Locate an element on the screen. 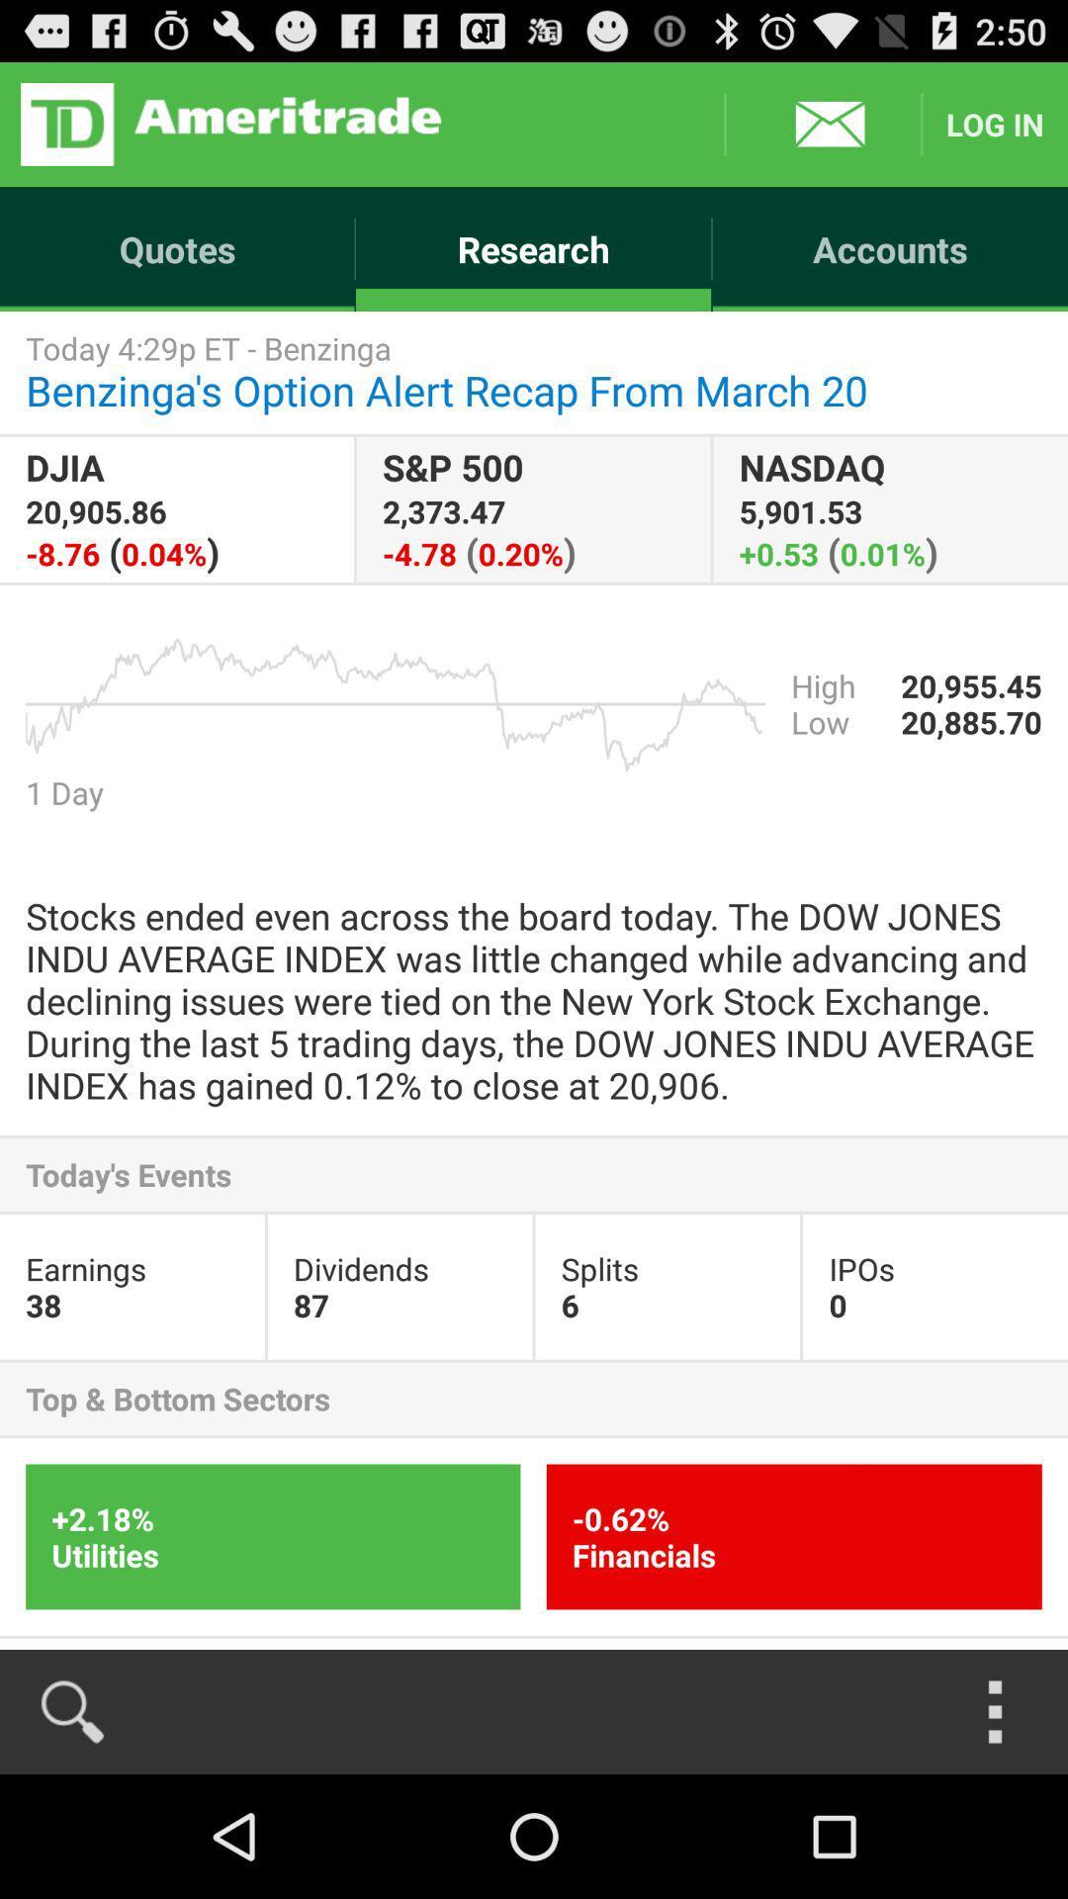 Image resolution: width=1068 pixels, height=1899 pixels. icon to the left of accounts is located at coordinates (229, 123).